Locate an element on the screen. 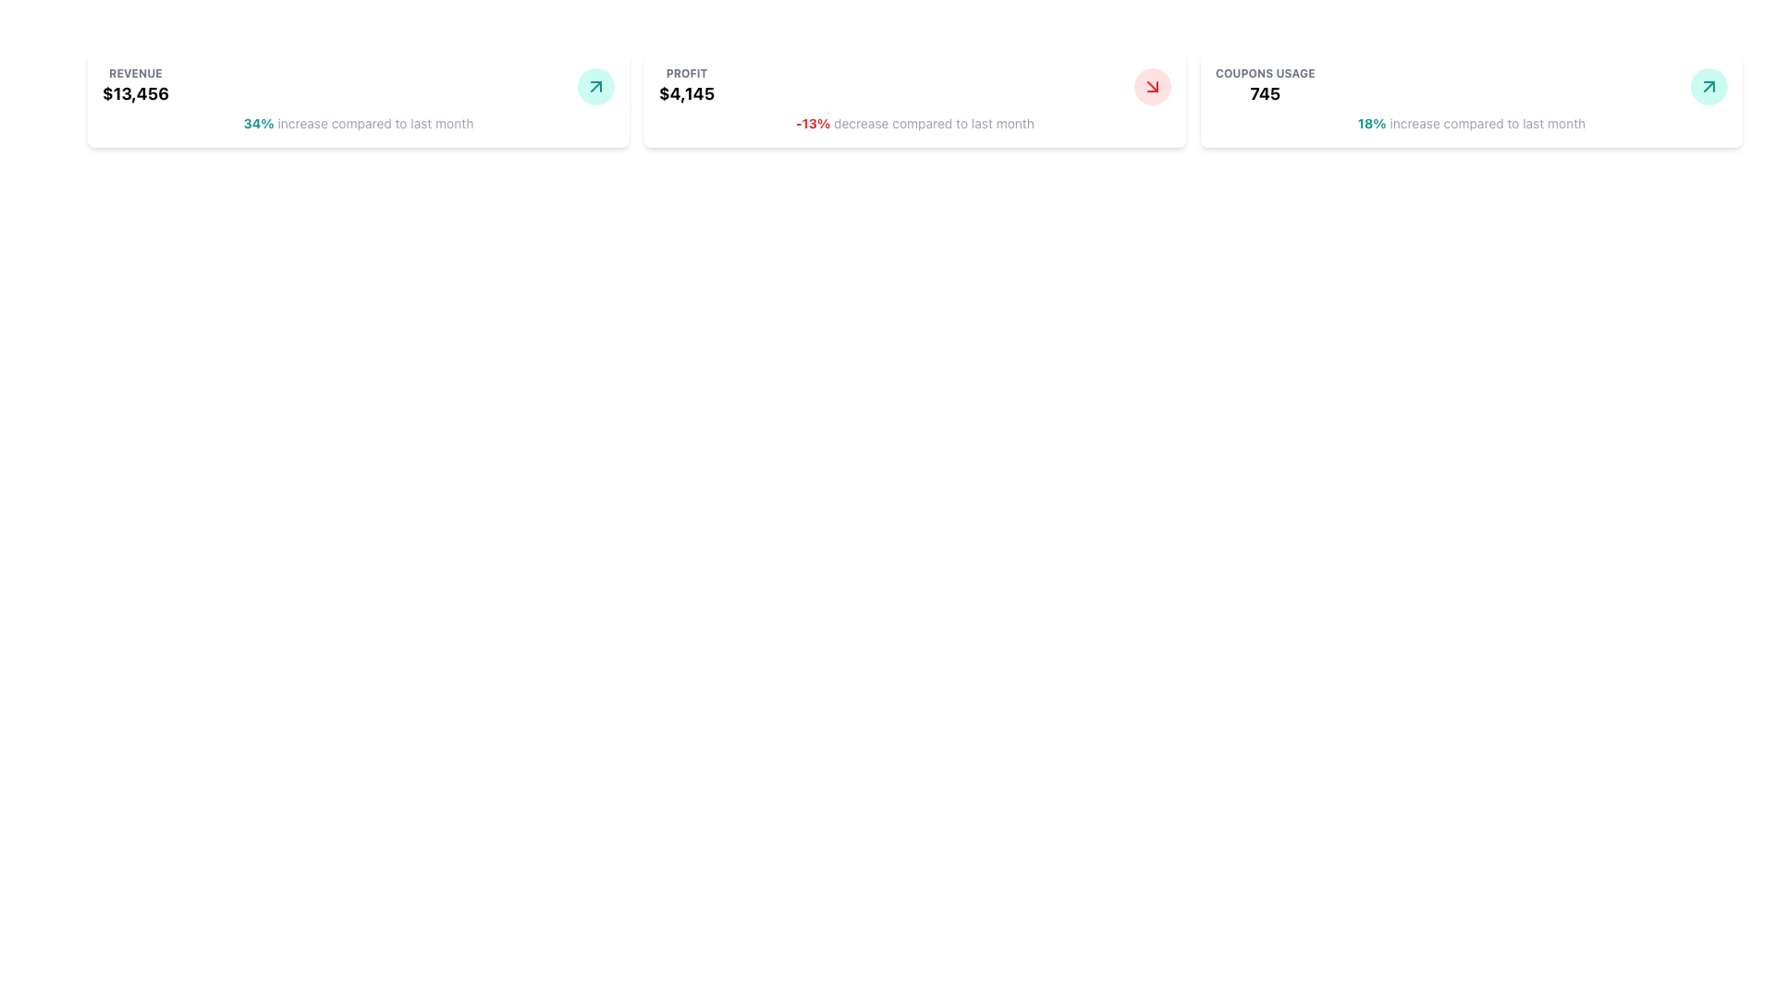 This screenshot has height=998, width=1775. text from the label positioned at the top of the 'Profit' card, which provides context to the financial value '$4,145' displayed below it is located at coordinates (686, 73).